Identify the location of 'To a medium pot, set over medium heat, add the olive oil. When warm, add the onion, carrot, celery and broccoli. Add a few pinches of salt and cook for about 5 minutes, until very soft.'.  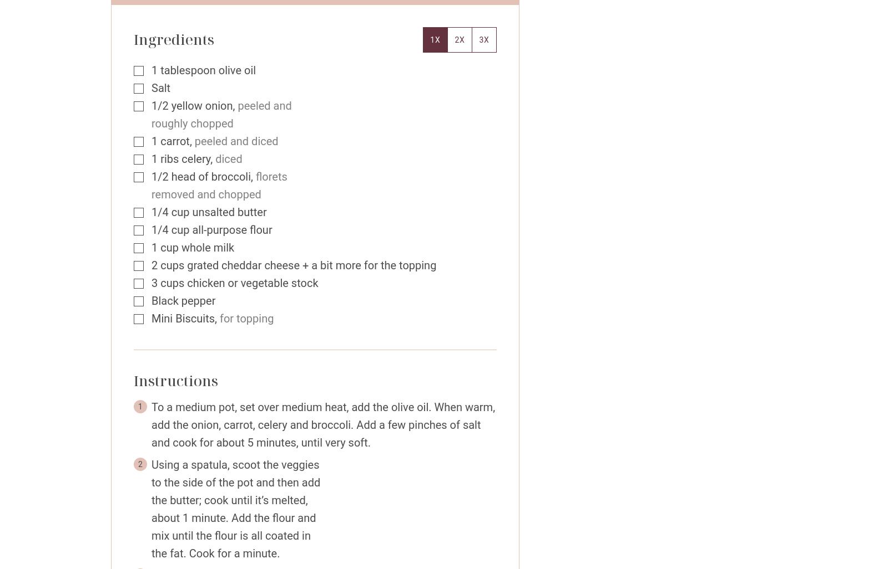
(322, 424).